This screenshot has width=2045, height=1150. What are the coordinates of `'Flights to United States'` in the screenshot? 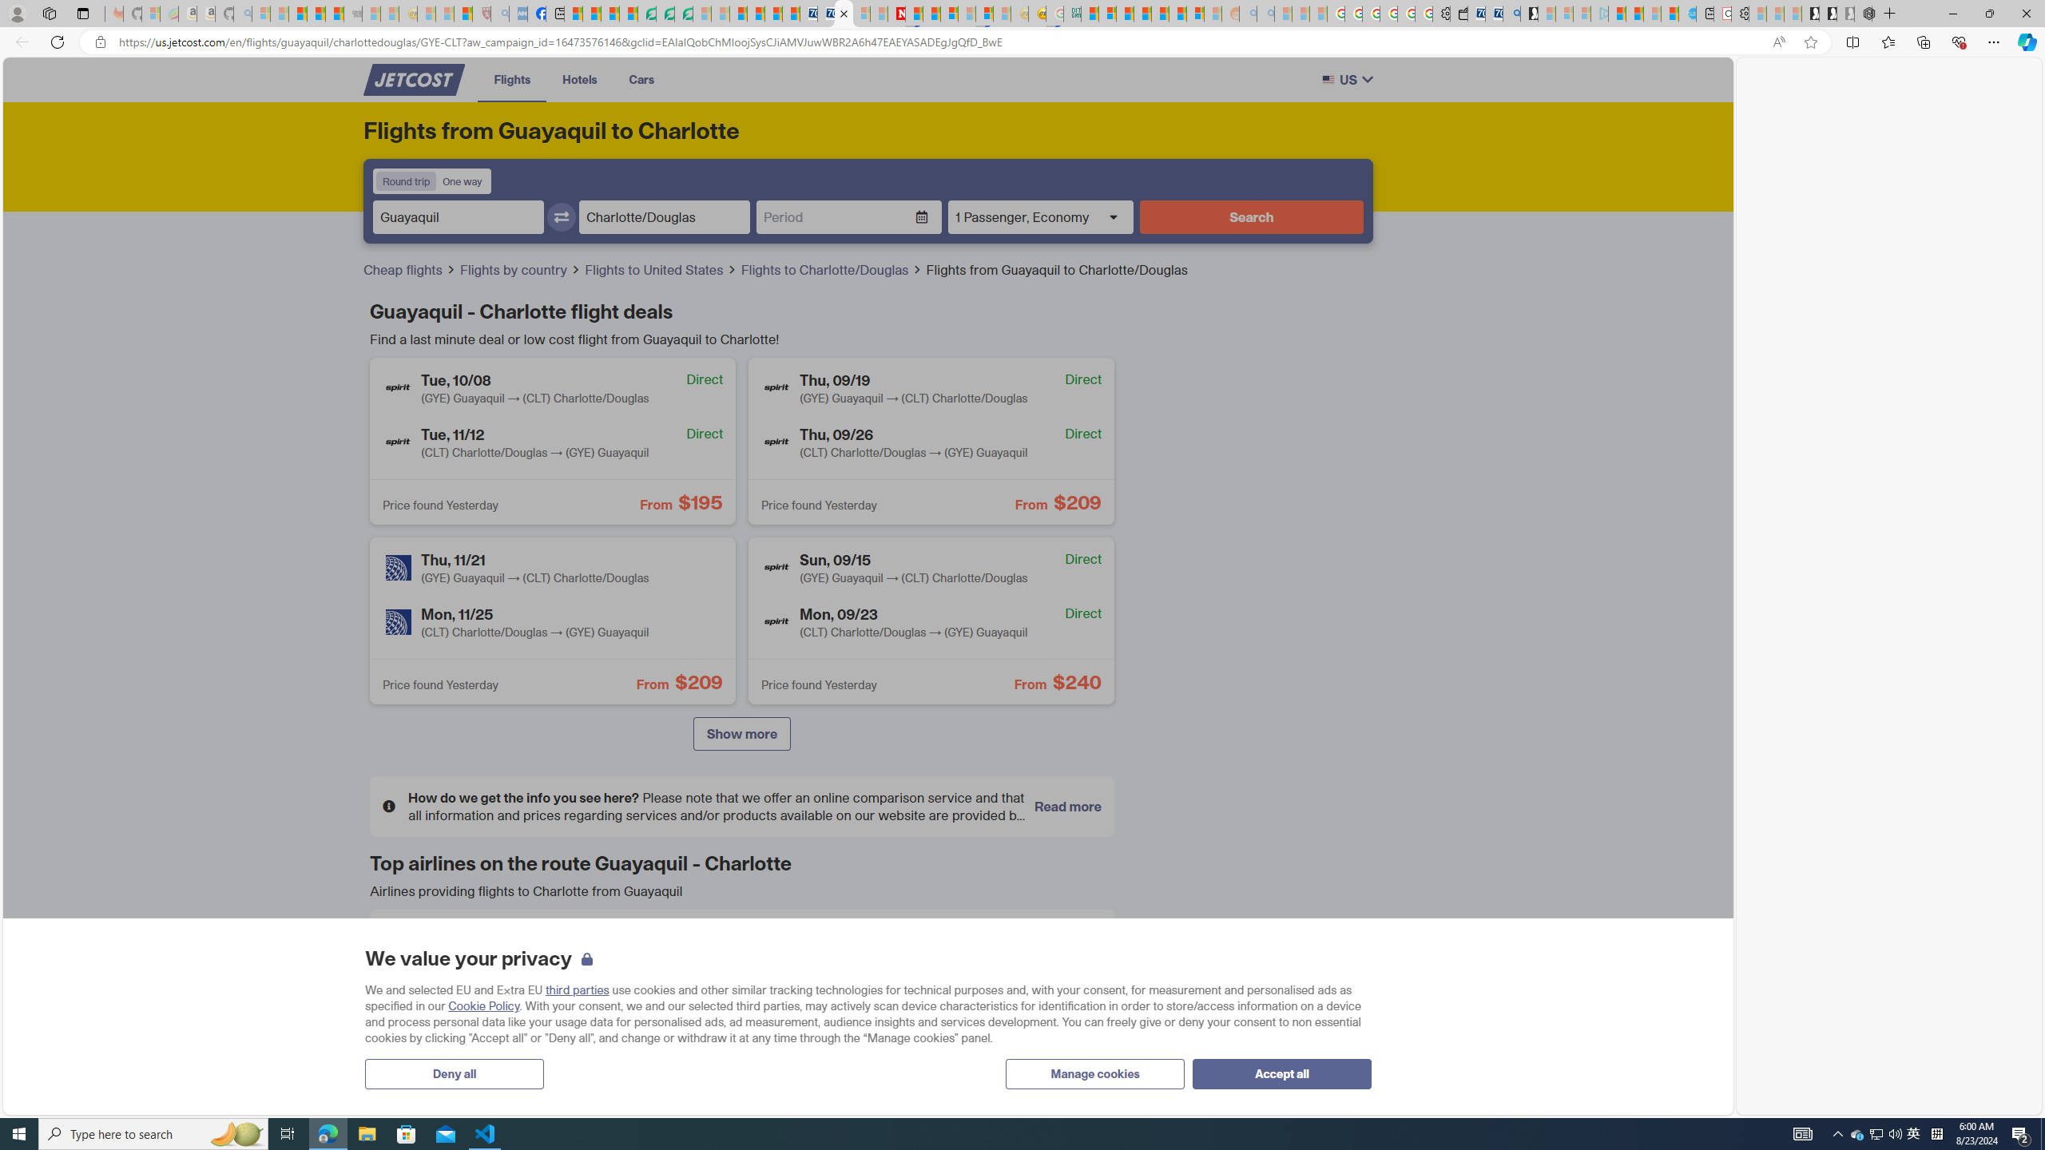 It's located at (661, 269).